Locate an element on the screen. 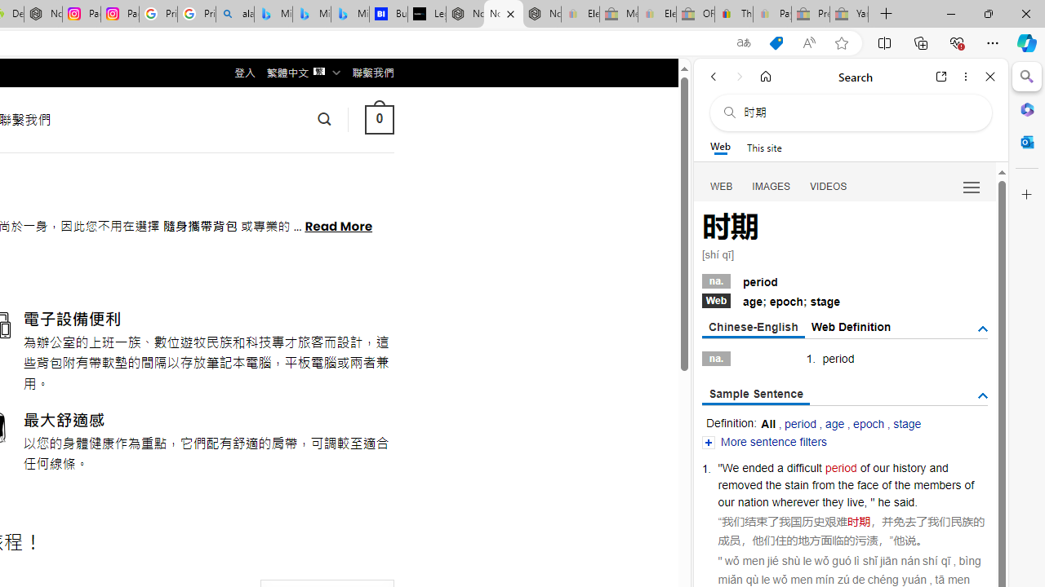 This screenshot has width=1045, height=587. 'Preferences' is located at coordinates (971, 185).